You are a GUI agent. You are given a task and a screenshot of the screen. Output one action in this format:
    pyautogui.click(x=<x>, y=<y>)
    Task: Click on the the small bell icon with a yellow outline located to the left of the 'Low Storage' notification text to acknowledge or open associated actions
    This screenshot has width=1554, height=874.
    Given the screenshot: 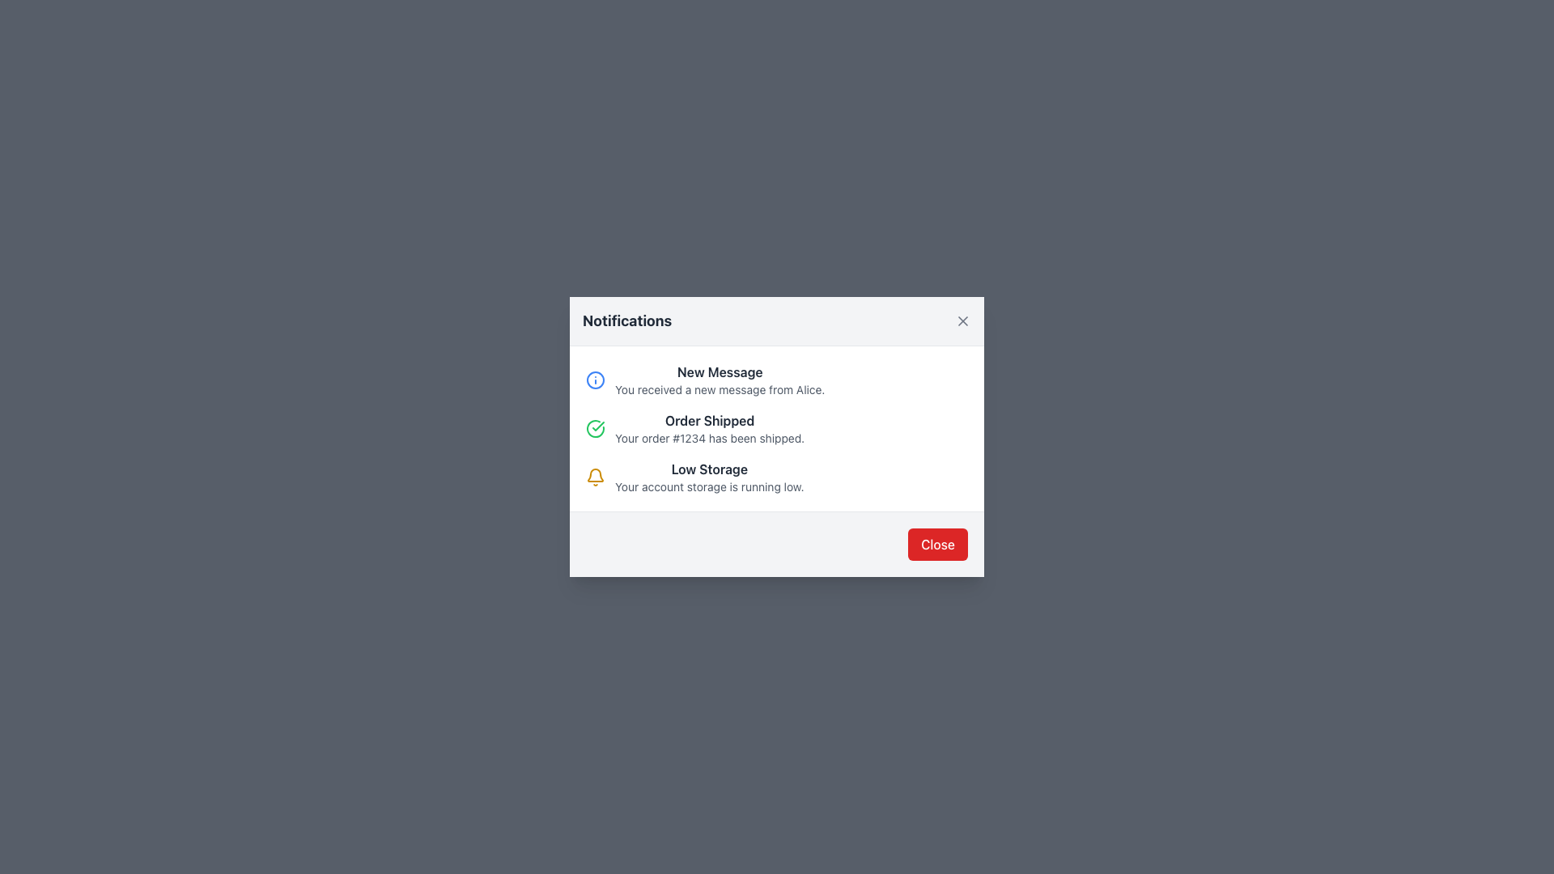 What is the action you would take?
    pyautogui.click(x=594, y=477)
    